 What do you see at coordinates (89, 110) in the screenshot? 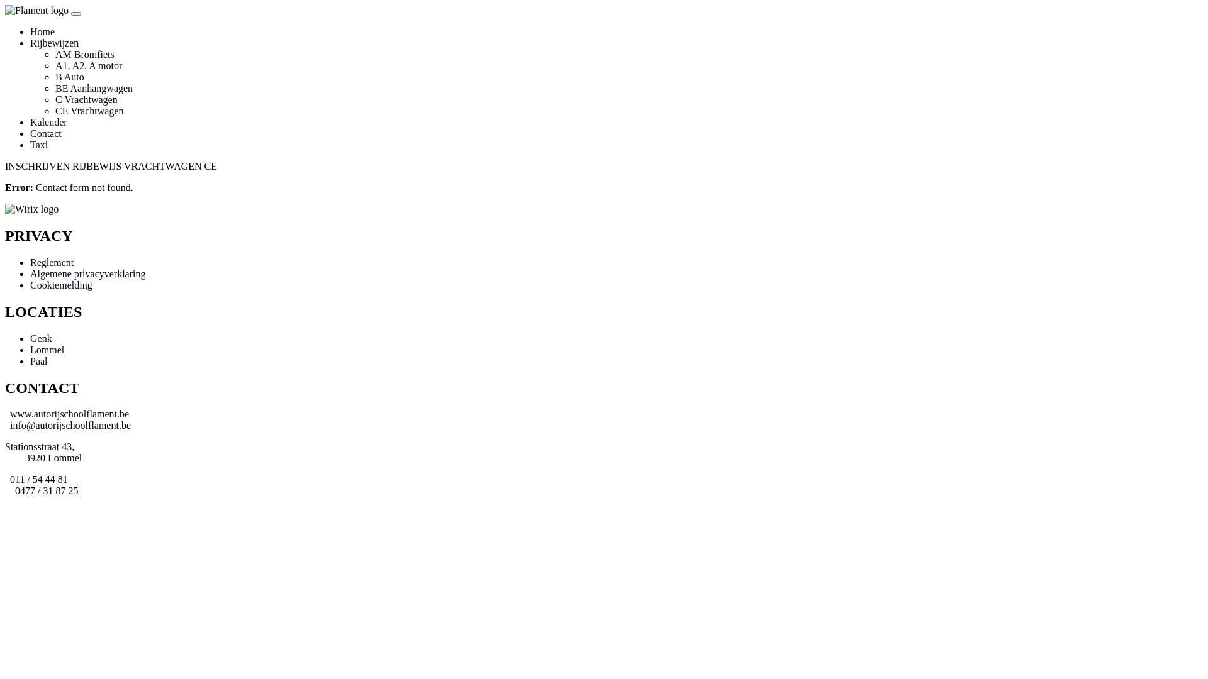
I see `'CE Vrachtwagen'` at bounding box center [89, 110].